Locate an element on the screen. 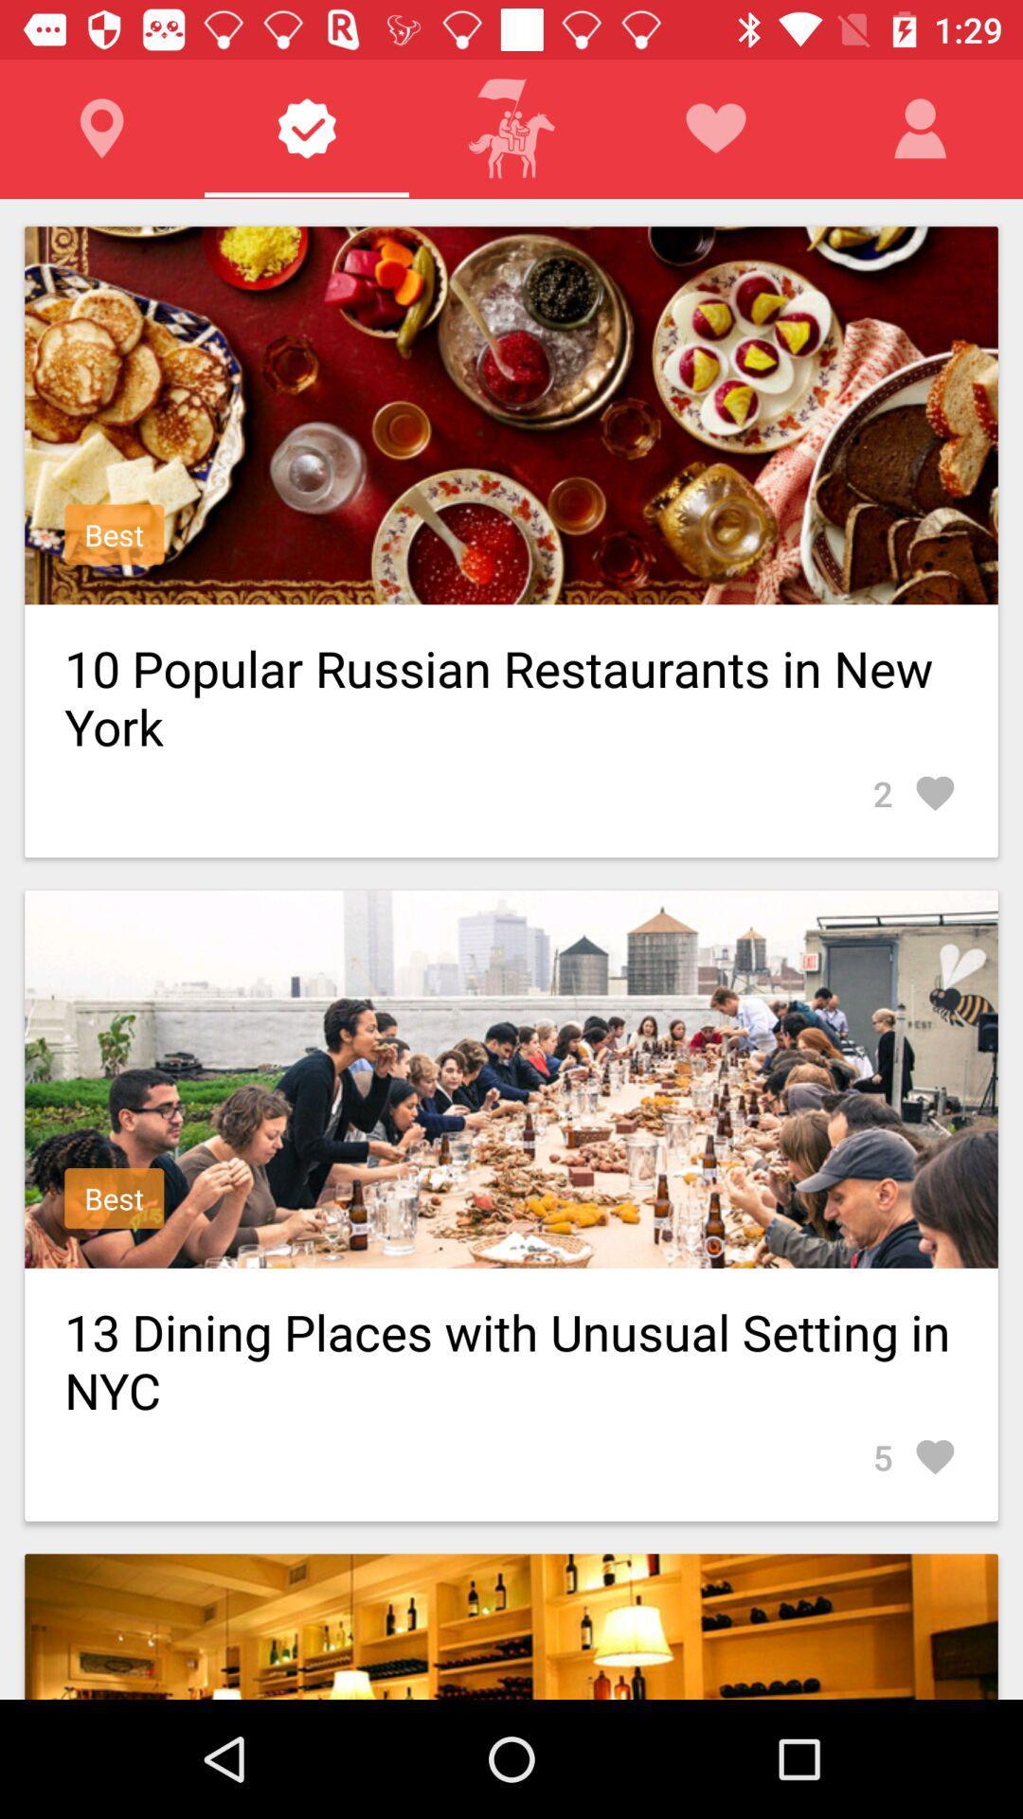 The image size is (1023, 1819). the item below the 13 dining places is located at coordinates (914, 1456).